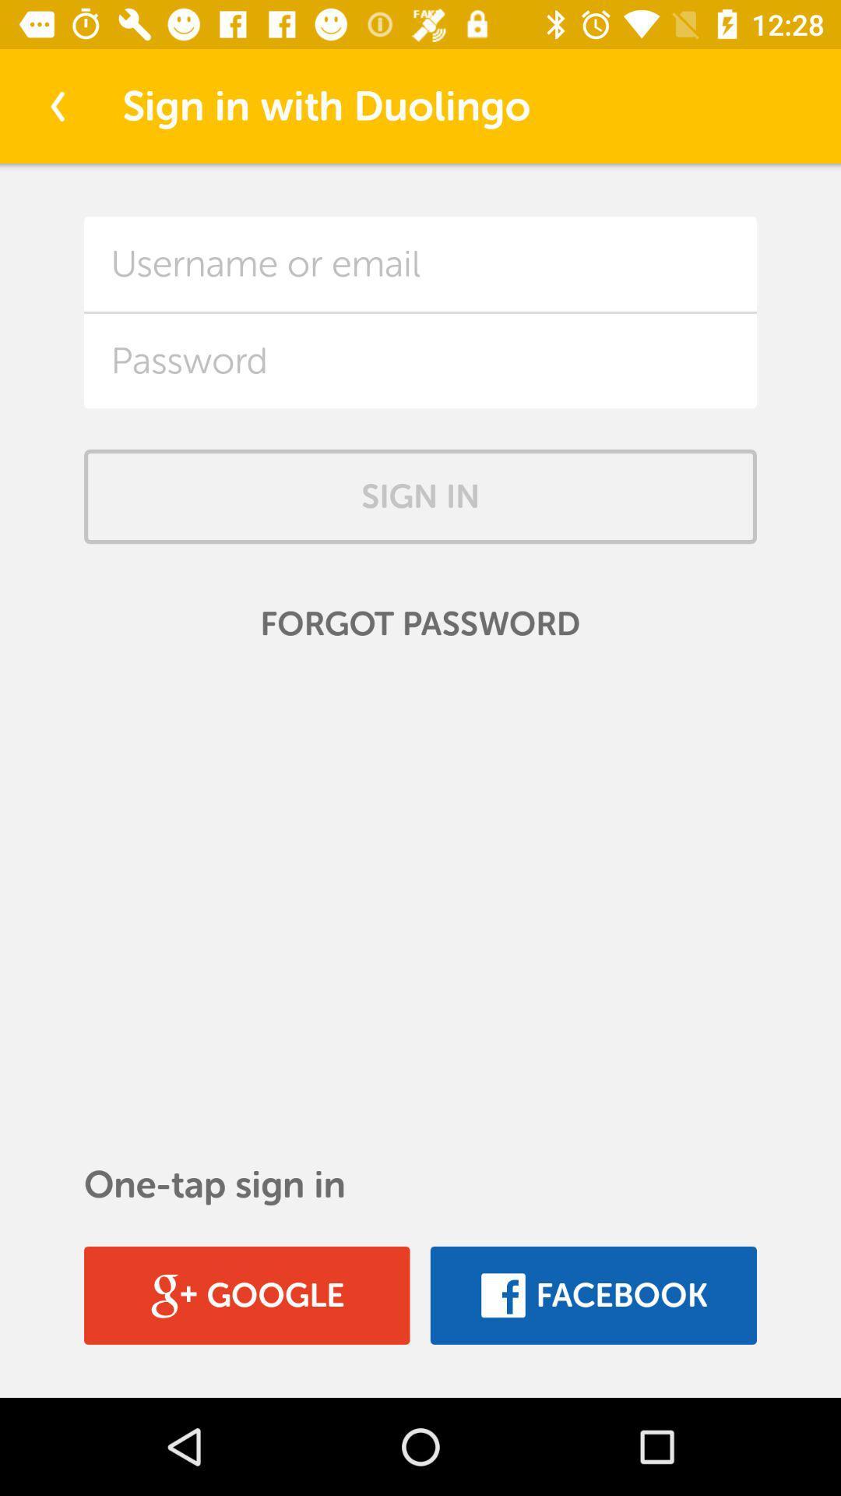 This screenshot has height=1496, width=841. What do you see at coordinates (420, 360) in the screenshot?
I see `password` at bounding box center [420, 360].